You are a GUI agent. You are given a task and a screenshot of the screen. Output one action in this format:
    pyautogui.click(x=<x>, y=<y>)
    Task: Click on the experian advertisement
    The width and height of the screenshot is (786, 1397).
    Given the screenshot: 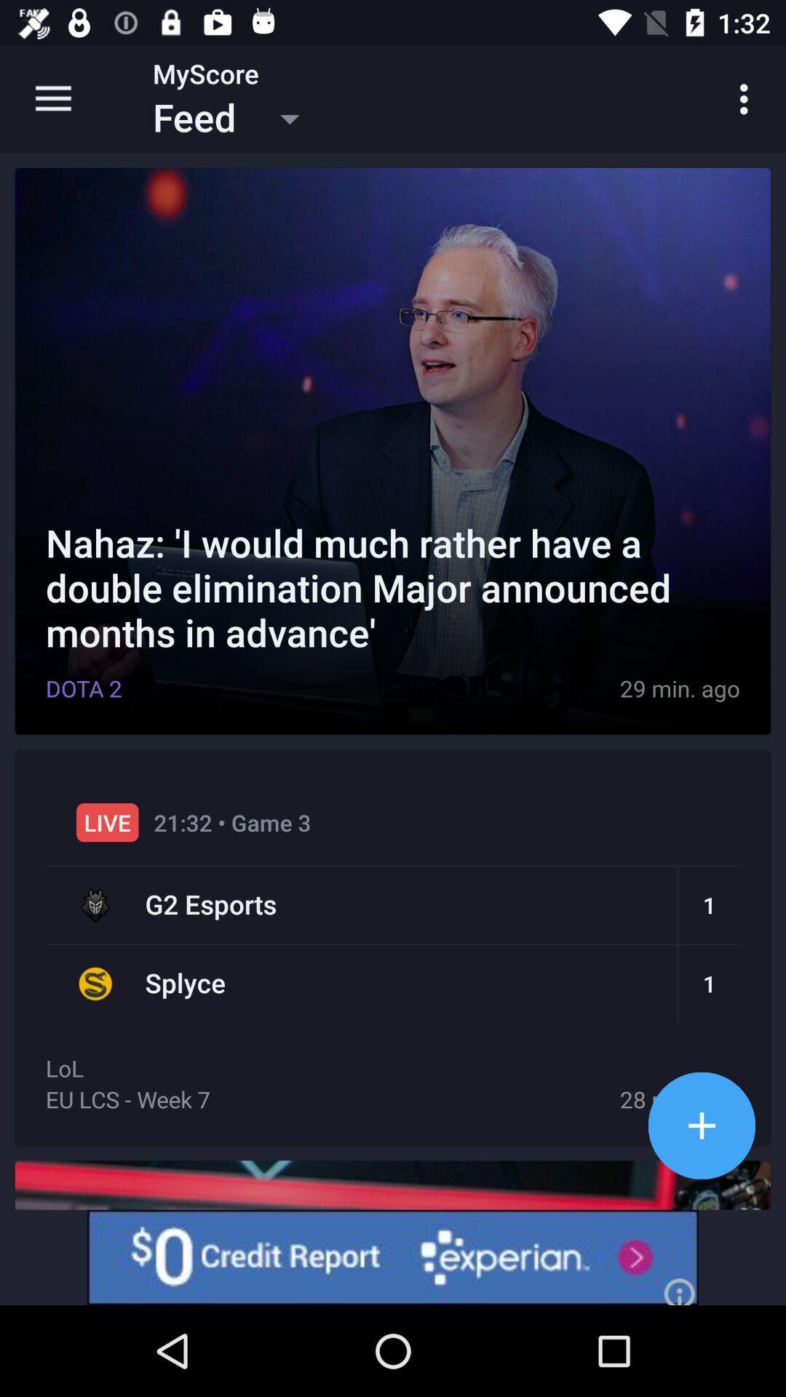 What is the action you would take?
    pyautogui.click(x=393, y=1257)
    